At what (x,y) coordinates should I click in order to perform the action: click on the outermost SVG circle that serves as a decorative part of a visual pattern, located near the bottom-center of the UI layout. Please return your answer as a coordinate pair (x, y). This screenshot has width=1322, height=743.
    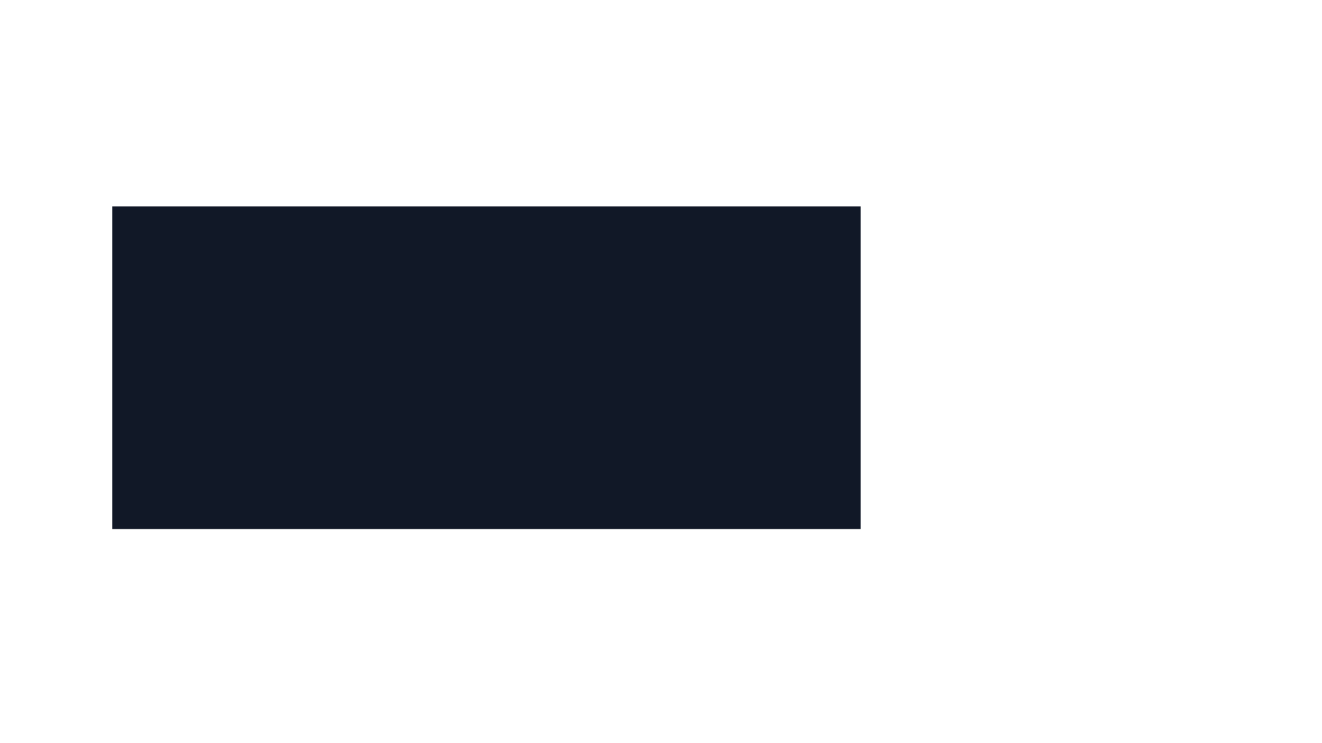
    Looking at the image, I should click on (391, 700).